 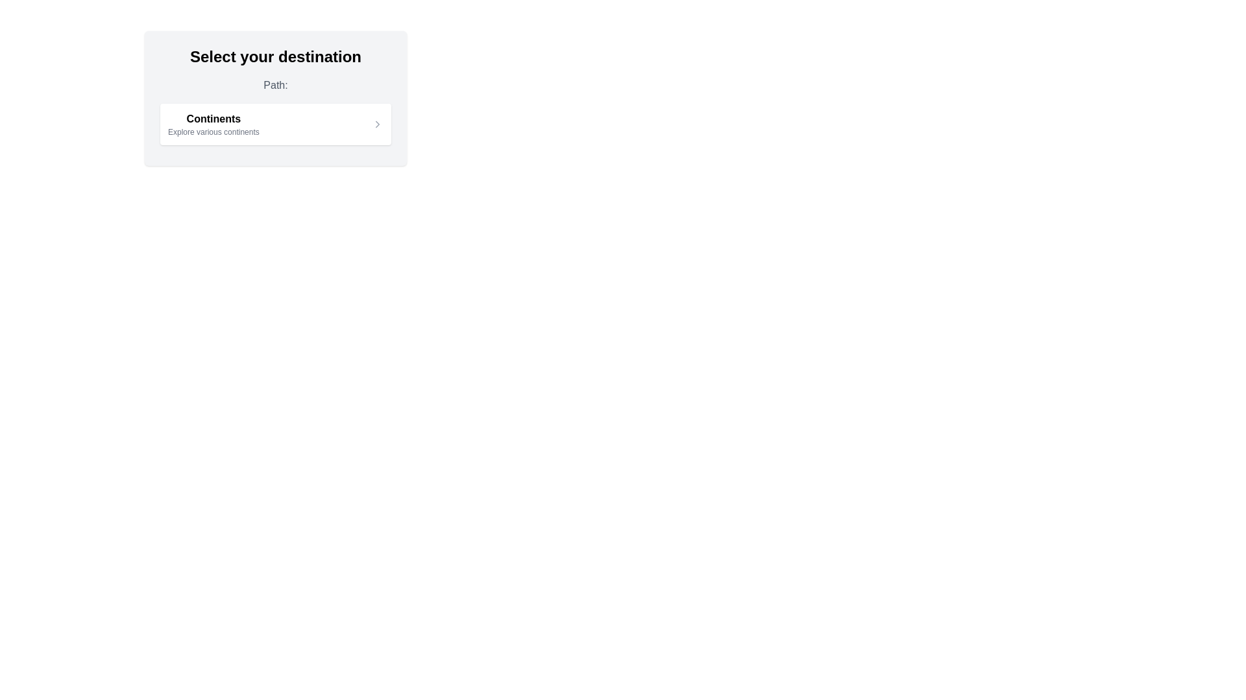 What do you see at coordinates (376, 124) in the screenshot?
I see `the chevron icon located at the far-right end of the 'Continents' button` at bounding box center [376, 124].